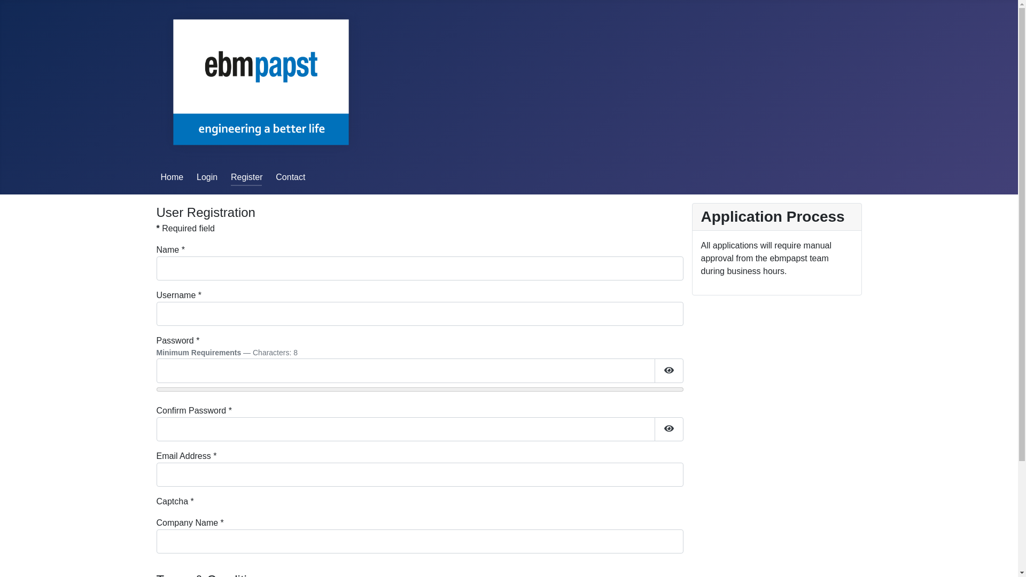  Describe the element at coordinates (668, 428) in the screenshot. I see `'Show Password'` at that location.